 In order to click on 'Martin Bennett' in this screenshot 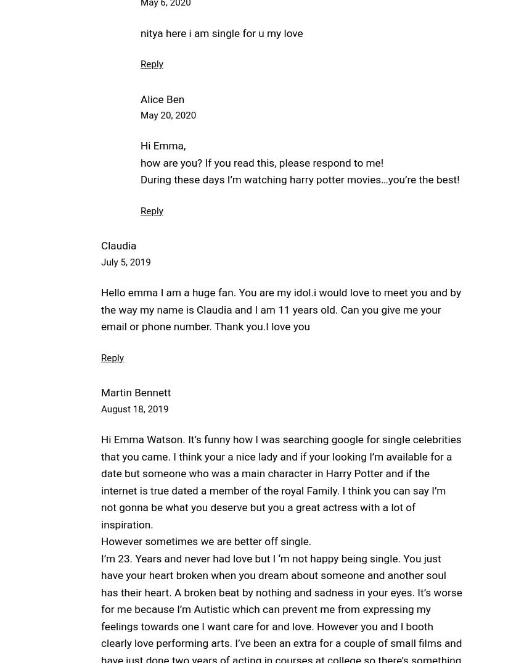, I will do `click(100, 393)`.